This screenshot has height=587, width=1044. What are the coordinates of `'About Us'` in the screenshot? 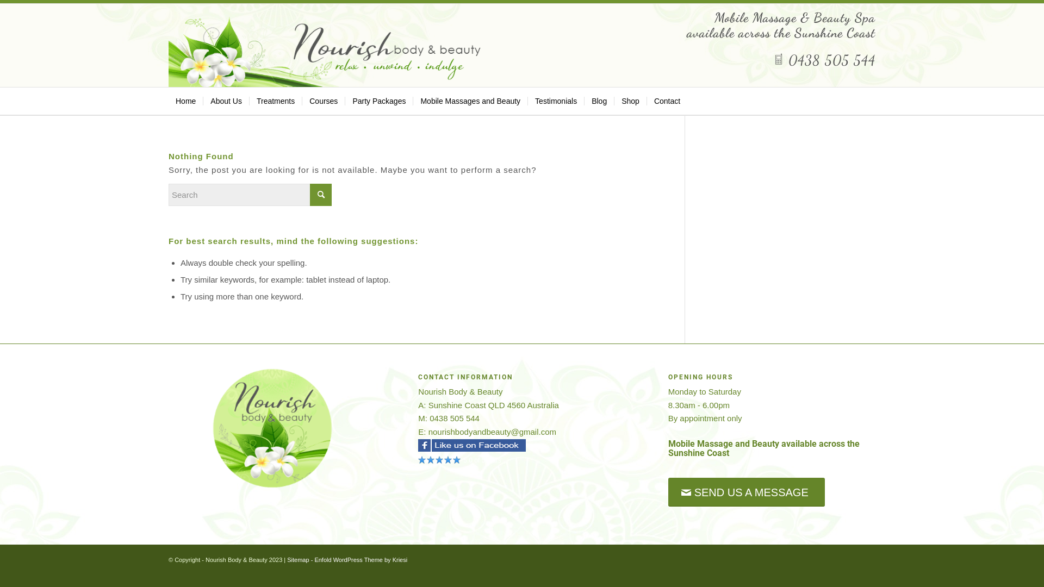 It's located at (225, 101).